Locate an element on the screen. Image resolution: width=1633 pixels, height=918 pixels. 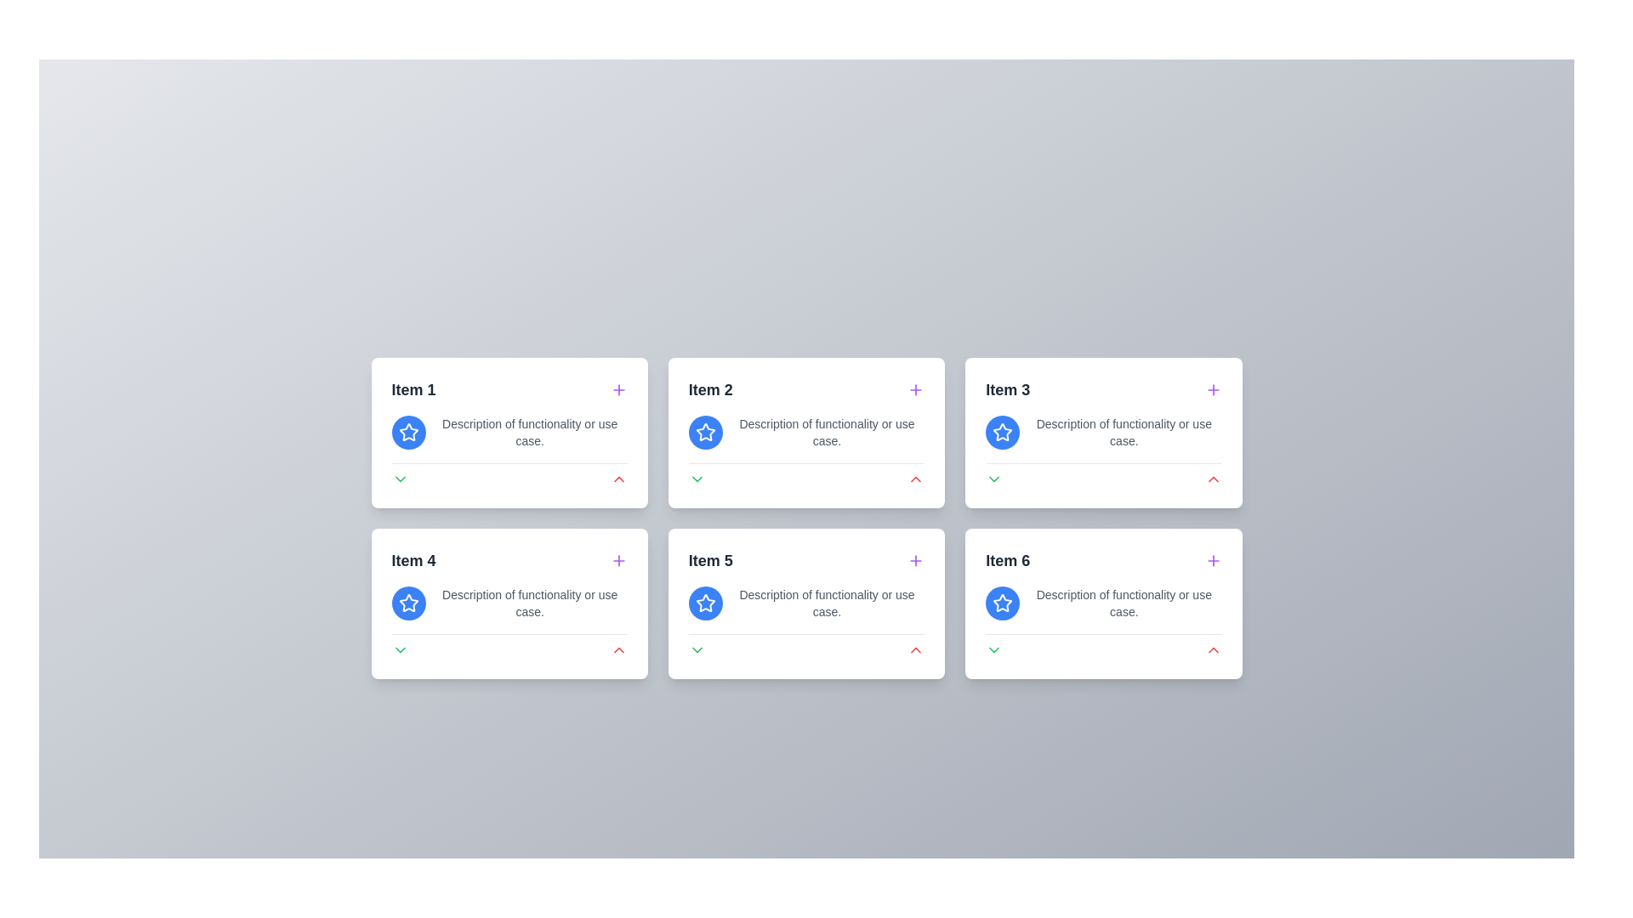
the circular purple button with a plus symbol located in the upper-right corner of the 'Item 4' card is located at coordinates (617, 560).